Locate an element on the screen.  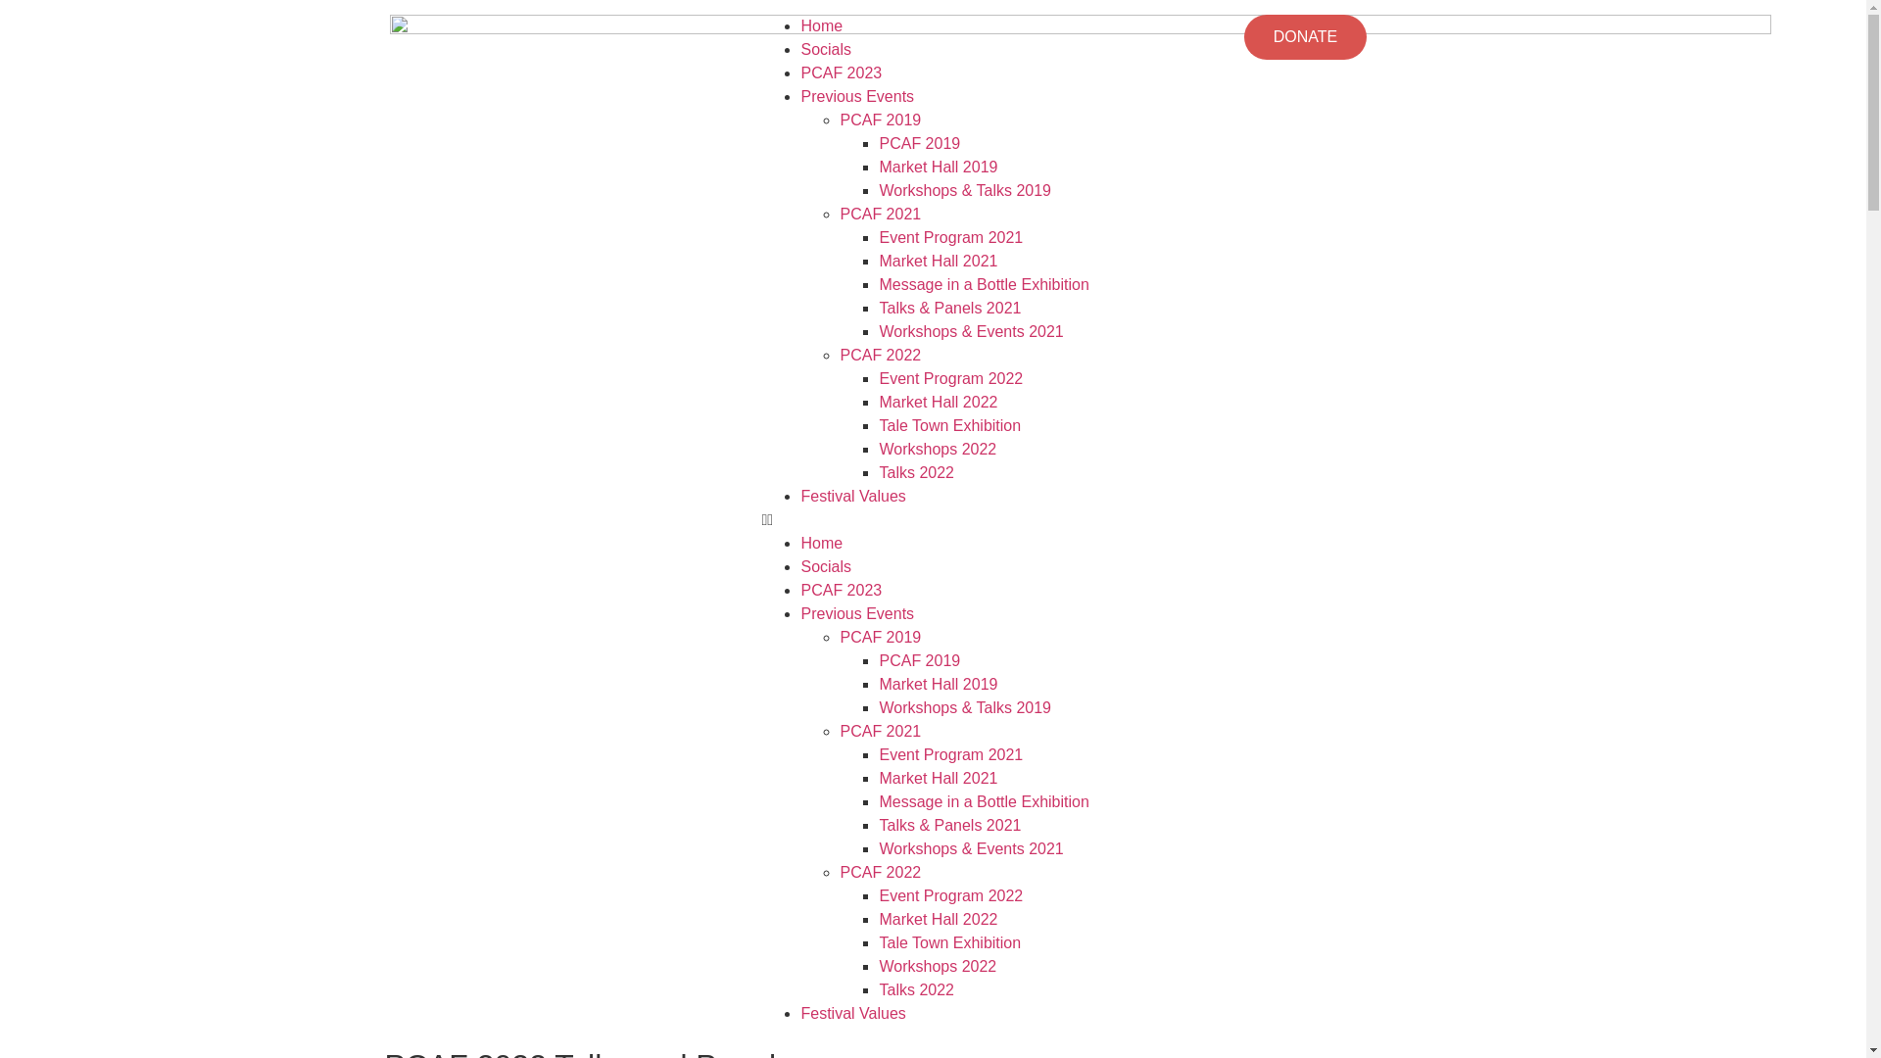
'PCAF 2023' is located at coordinates (841, 589).